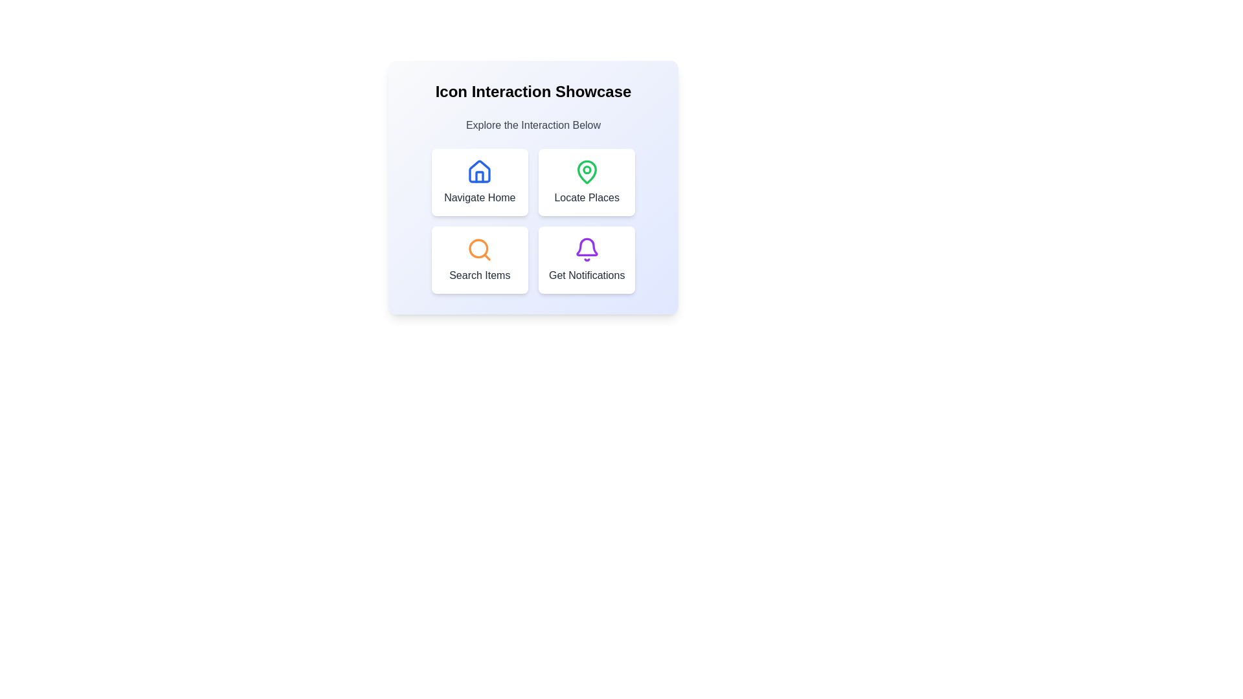  What do you see at coordinates (479, 249) in the screenshot?
I see `the circular magnifying glass icon with an orange outline, located within the 'Search Items' card` at bounding box center [479, 249].